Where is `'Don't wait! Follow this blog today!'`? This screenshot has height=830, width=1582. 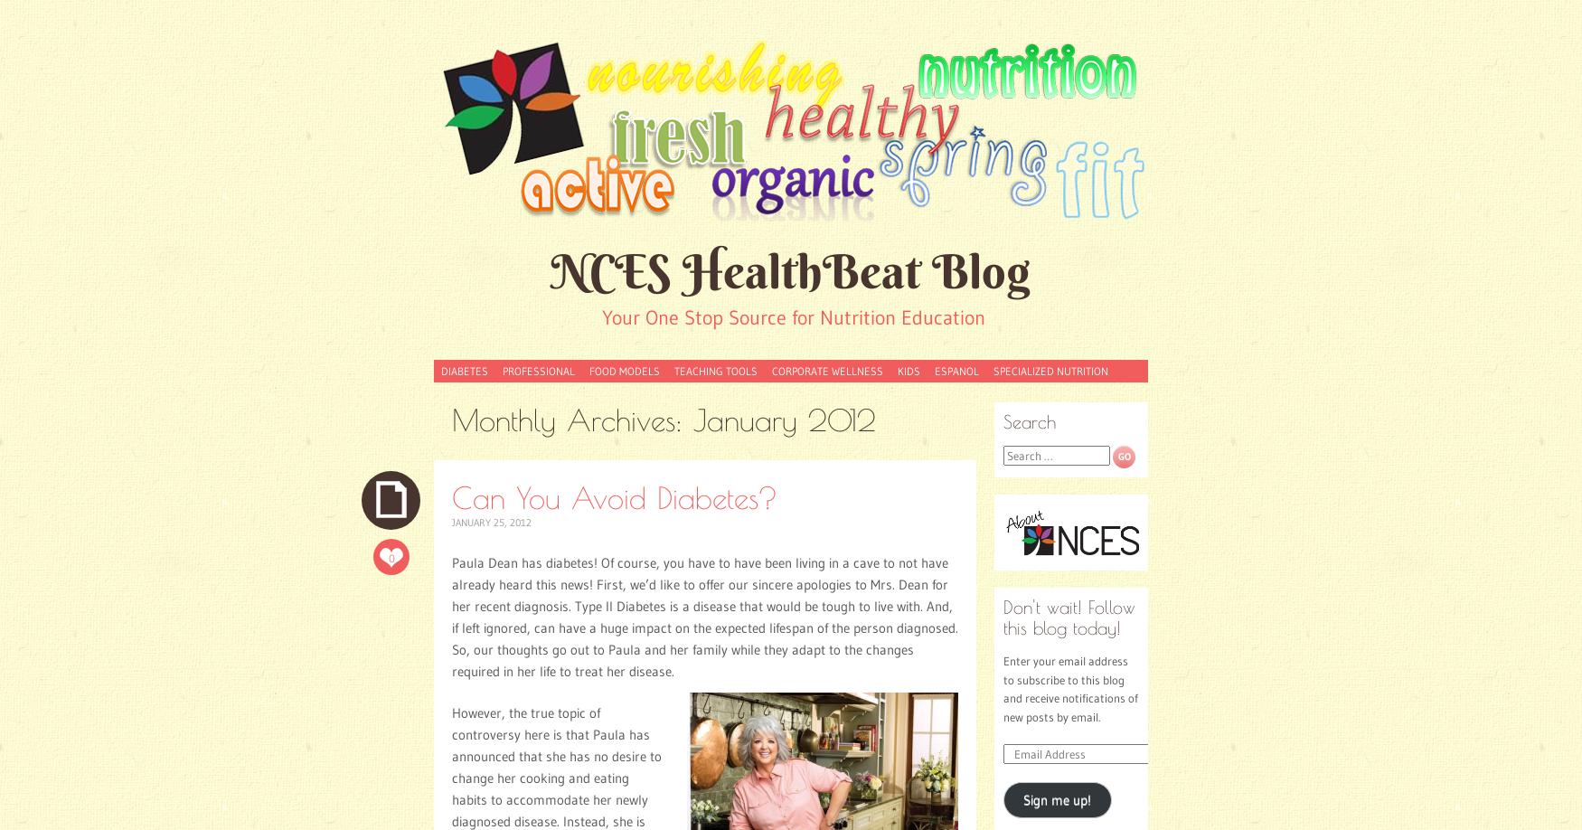
'Don't wait! Follow this blog today!' is located at coordinates (1069, 616).